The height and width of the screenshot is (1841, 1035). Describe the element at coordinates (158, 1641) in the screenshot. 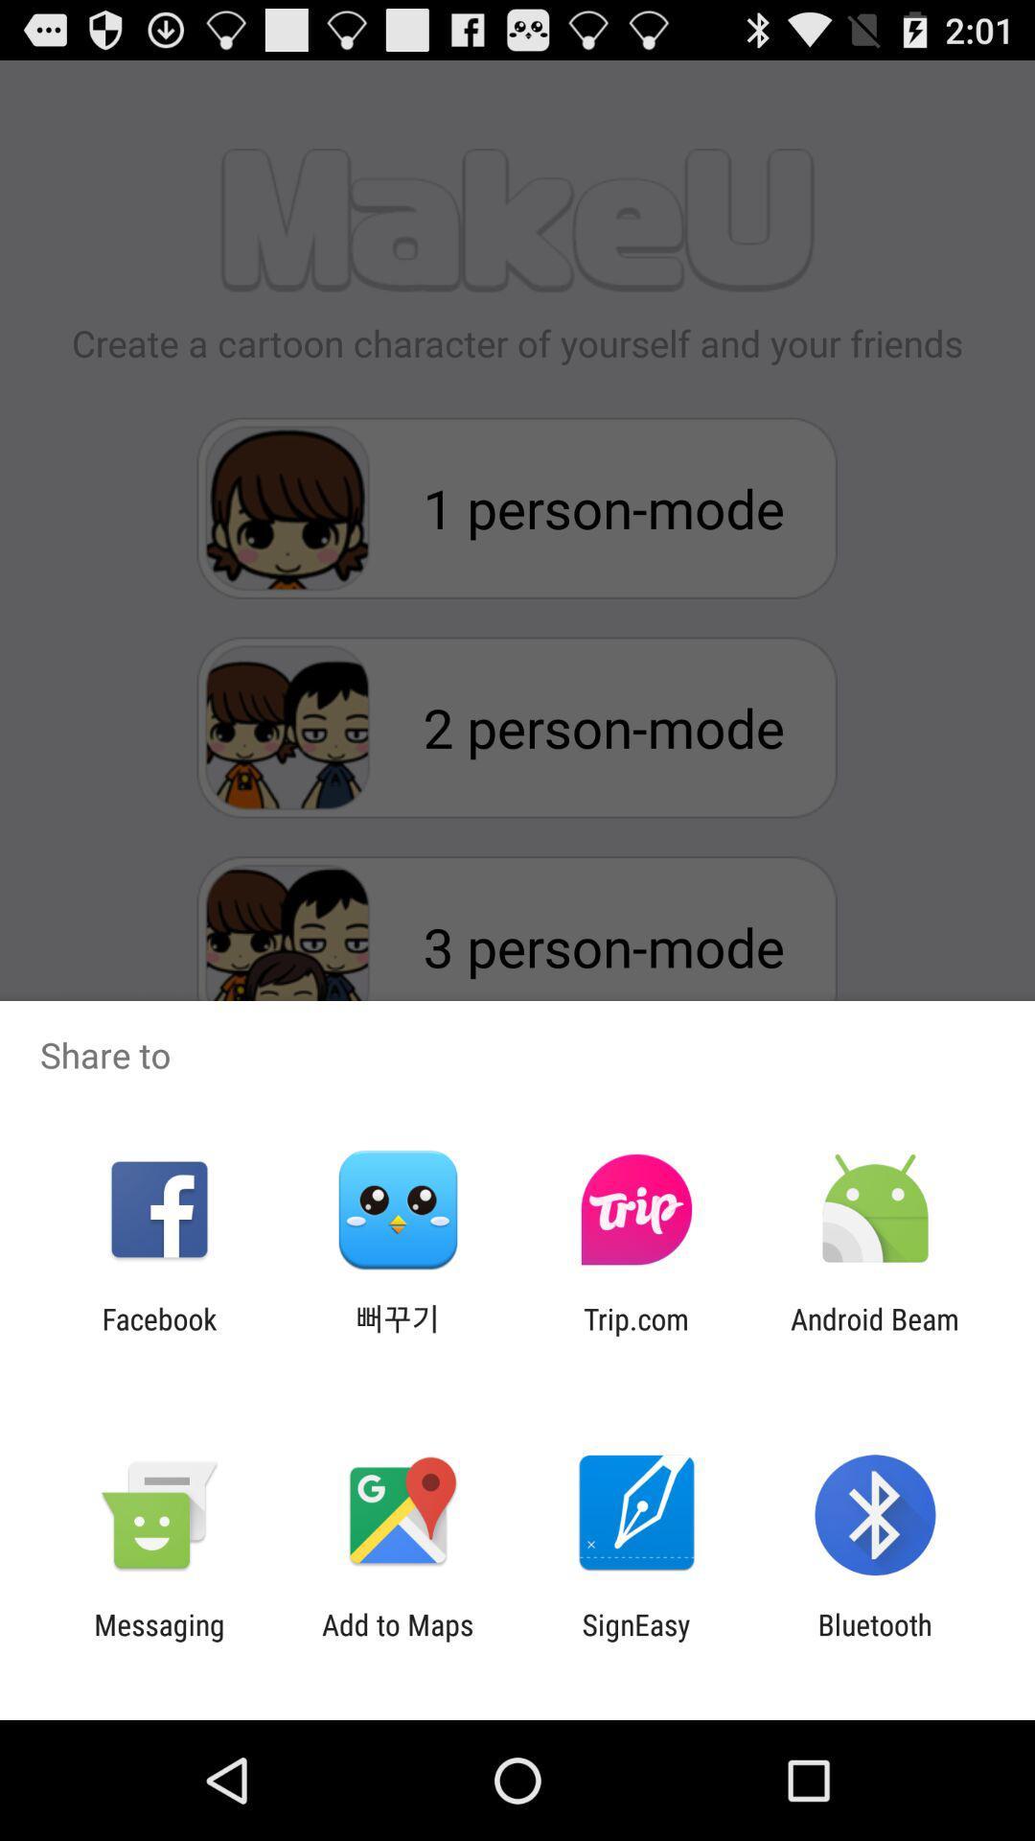

I see `item to the left of add to maps icon` at that location.